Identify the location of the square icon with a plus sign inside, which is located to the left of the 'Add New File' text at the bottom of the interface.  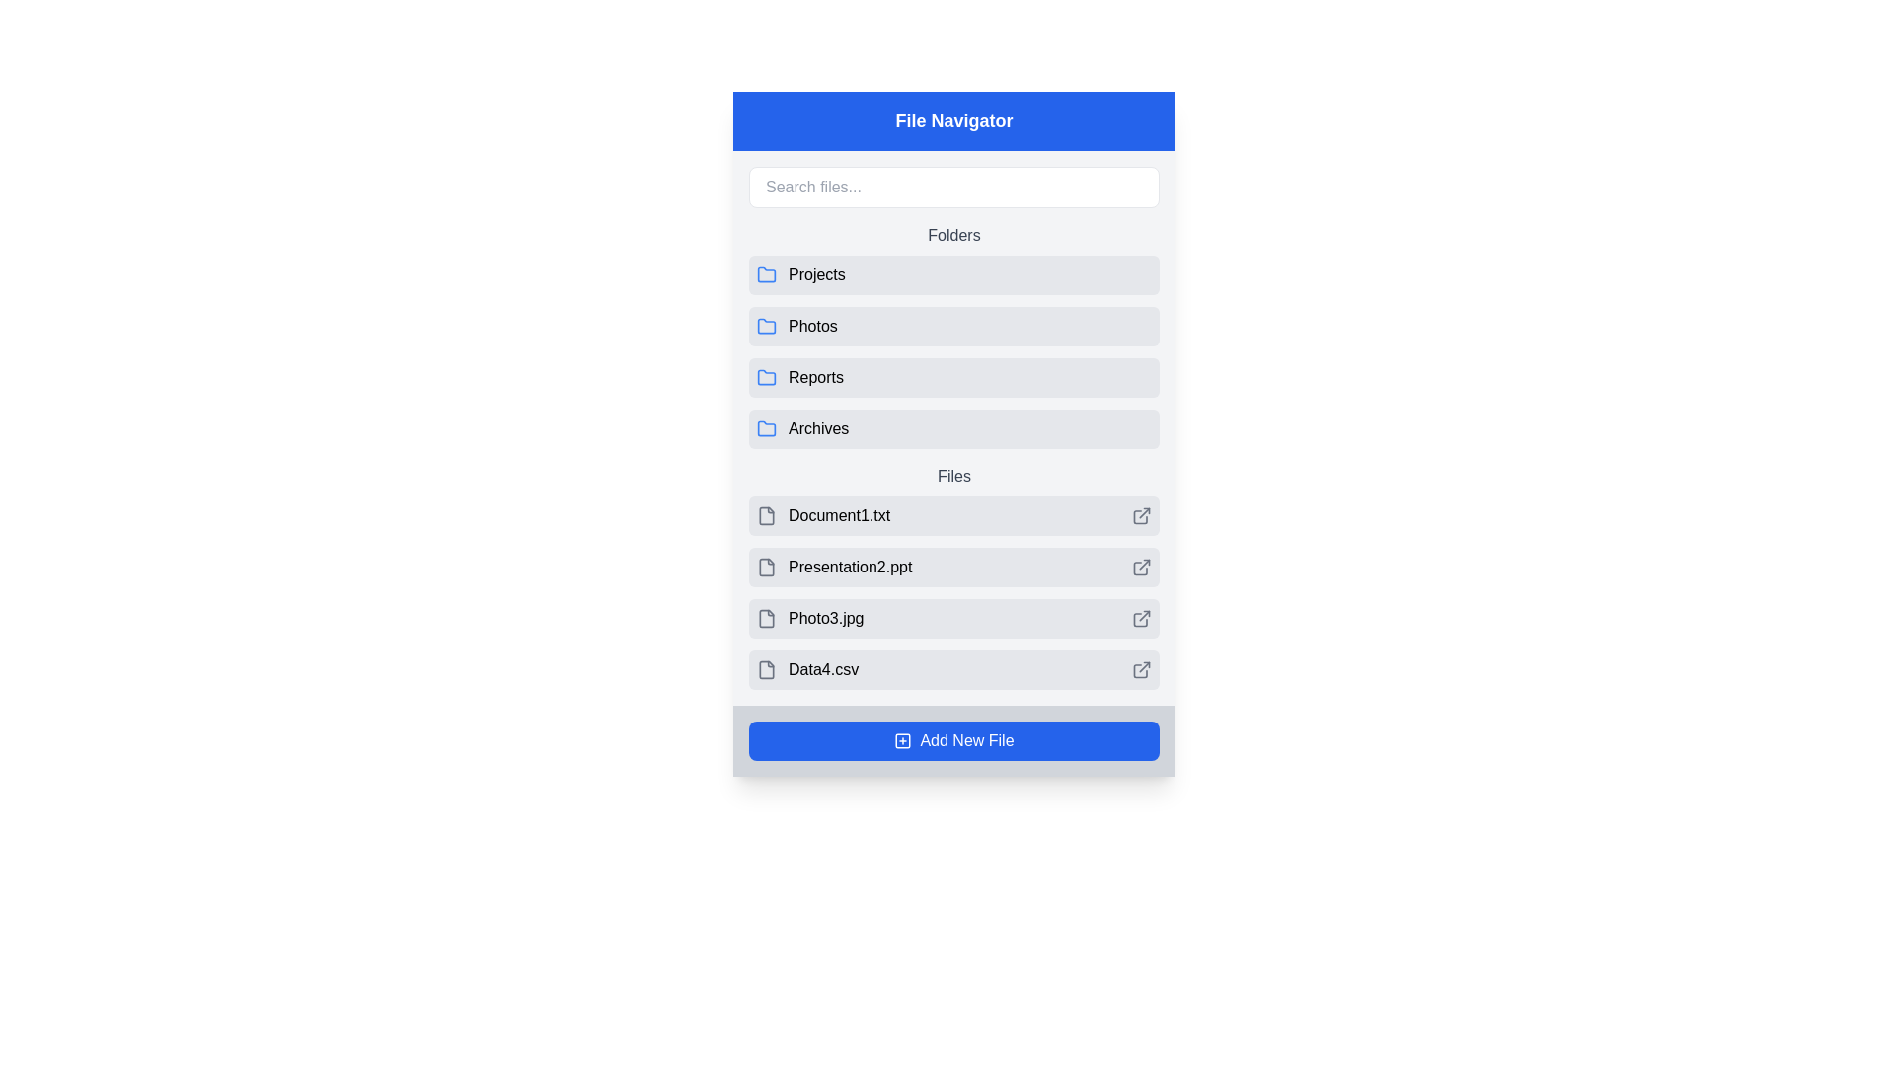
(902, 741).